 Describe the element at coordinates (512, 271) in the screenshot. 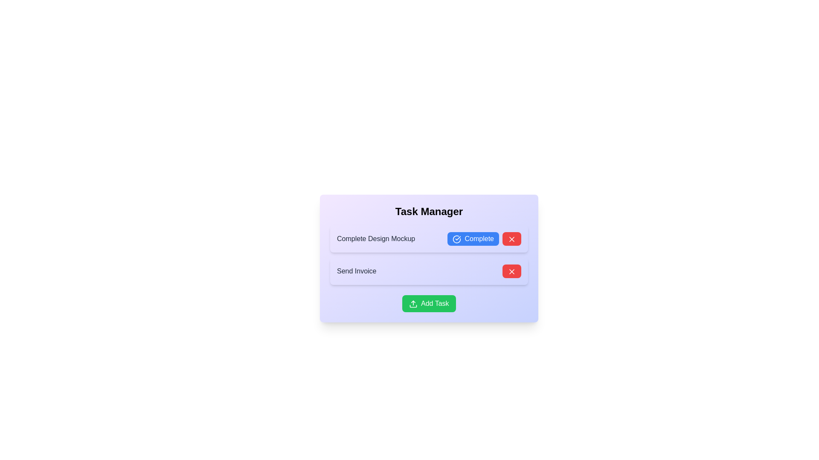

I see `the red rectangular button with a white 'X' icon located to the right of the 'Send Invoice' text in the second row of the task list in the 'Task Manager' panel` at that location.